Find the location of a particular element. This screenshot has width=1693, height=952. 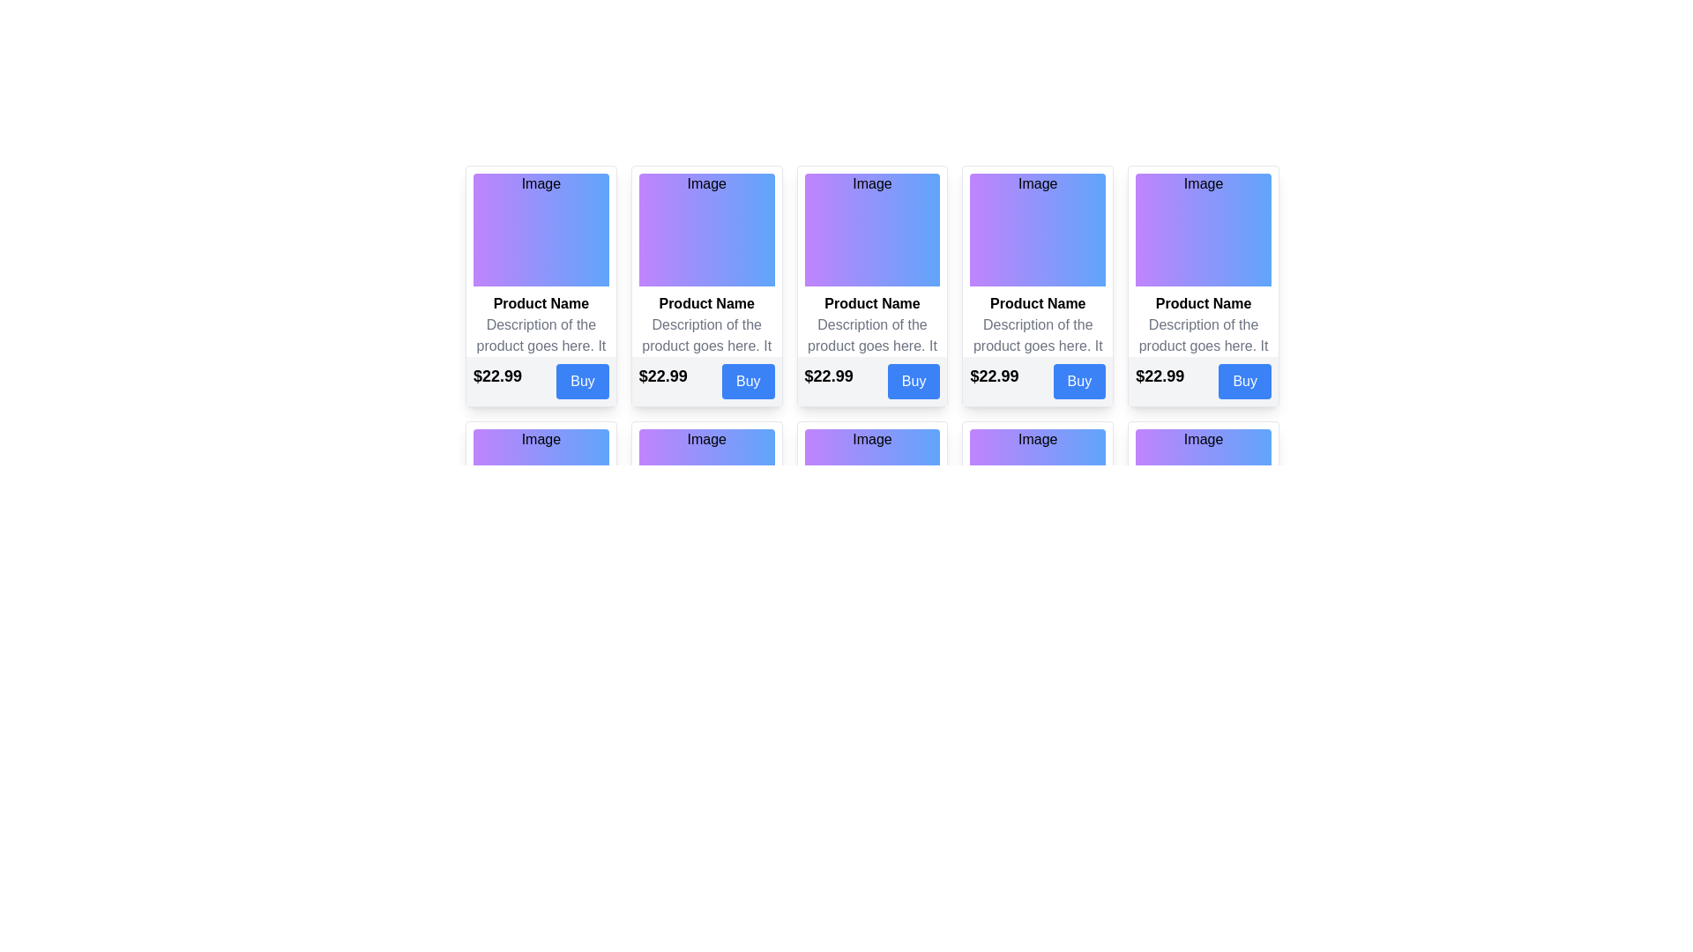

the price displayed ('$22.99') in bold text located at the bottom of the second product card is located at coordinates (706, 380).